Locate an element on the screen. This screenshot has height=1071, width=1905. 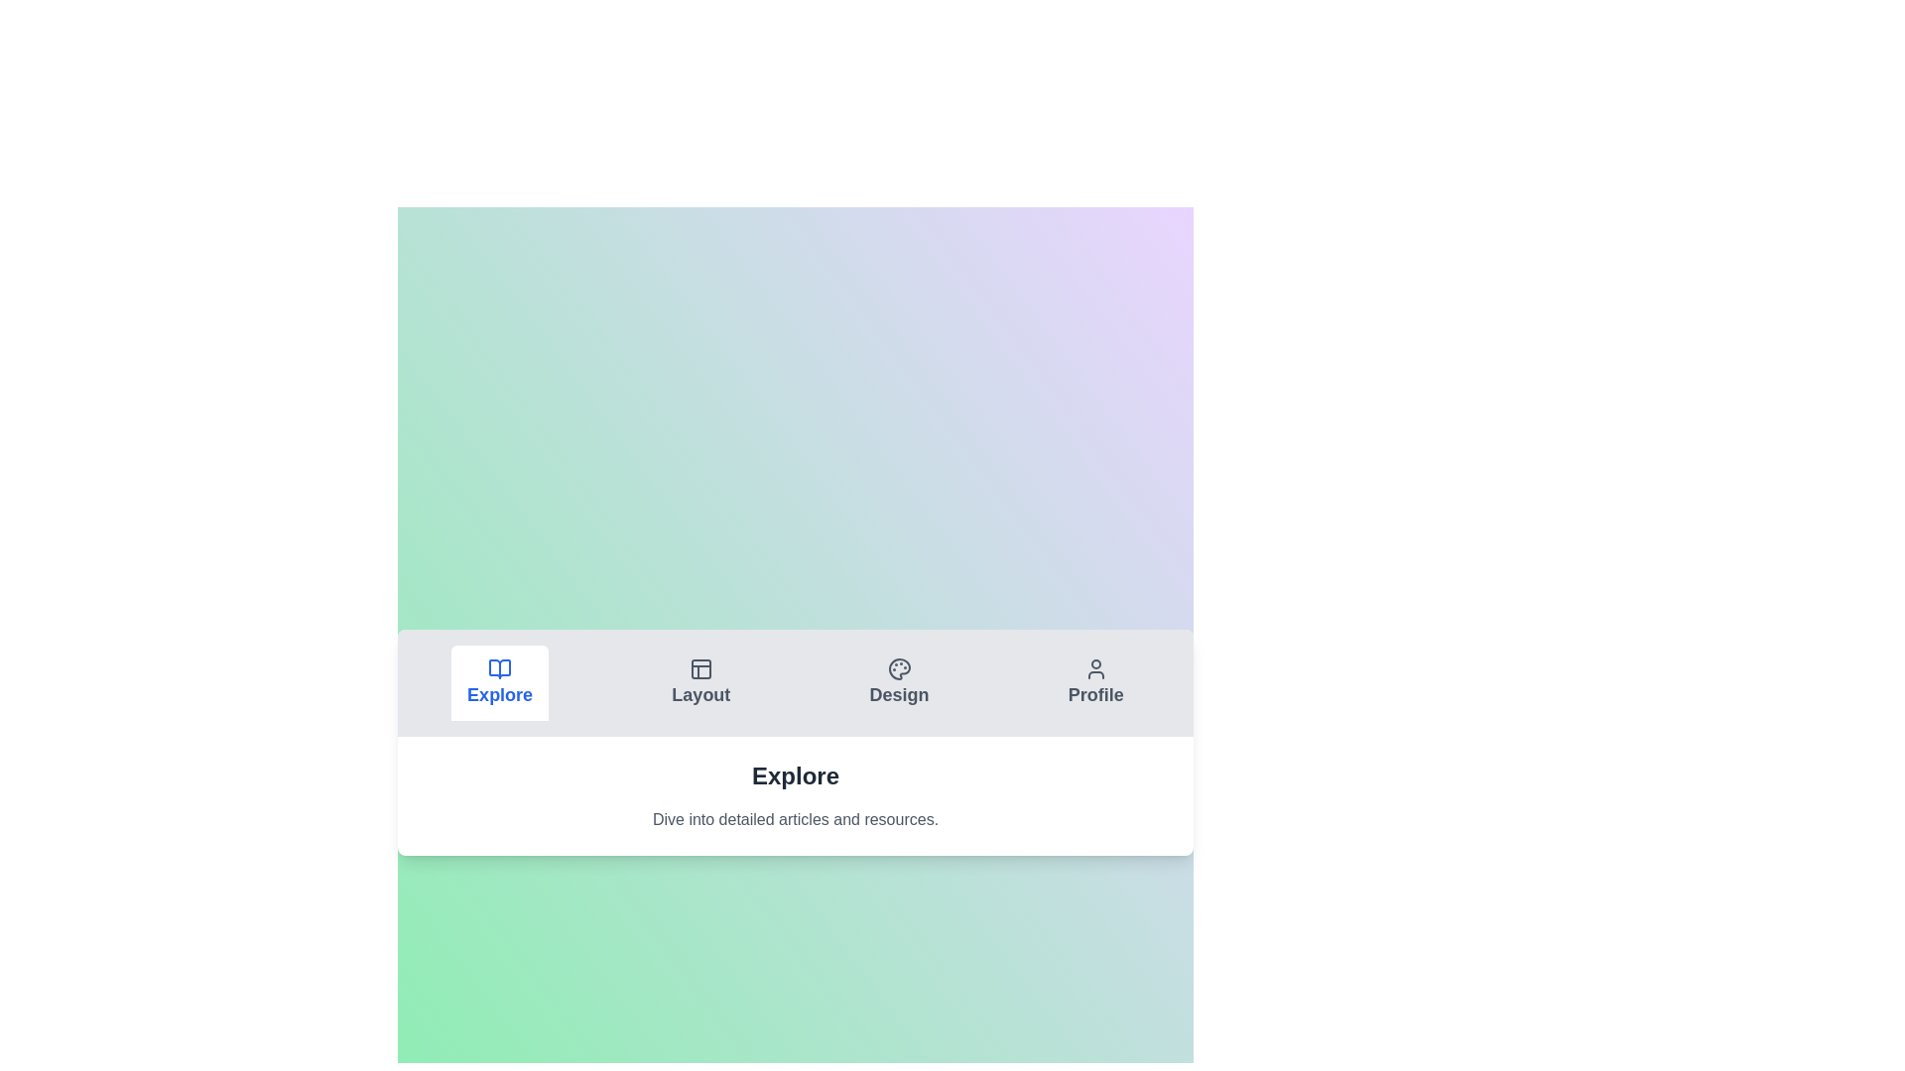
the icon of the Design tab to switch to its content is located at coordinates (898, 669).